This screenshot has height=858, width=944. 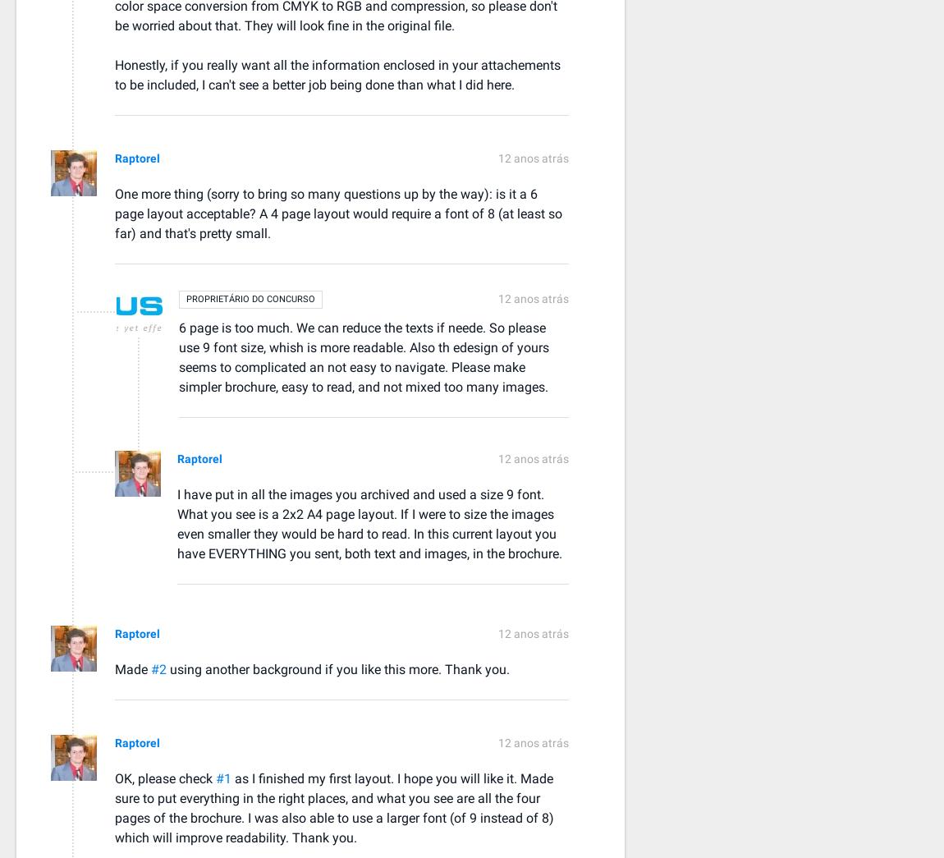 I want to click on '6 page is too much. We can reduce the texts if neede. So please use 9 font size, whish is more readable. Also th edesign of yours seems to complicated an not easy to navigate. Please make simpler brochure, easy to read, and not mixed too many images.', so click(x=364, y=356).